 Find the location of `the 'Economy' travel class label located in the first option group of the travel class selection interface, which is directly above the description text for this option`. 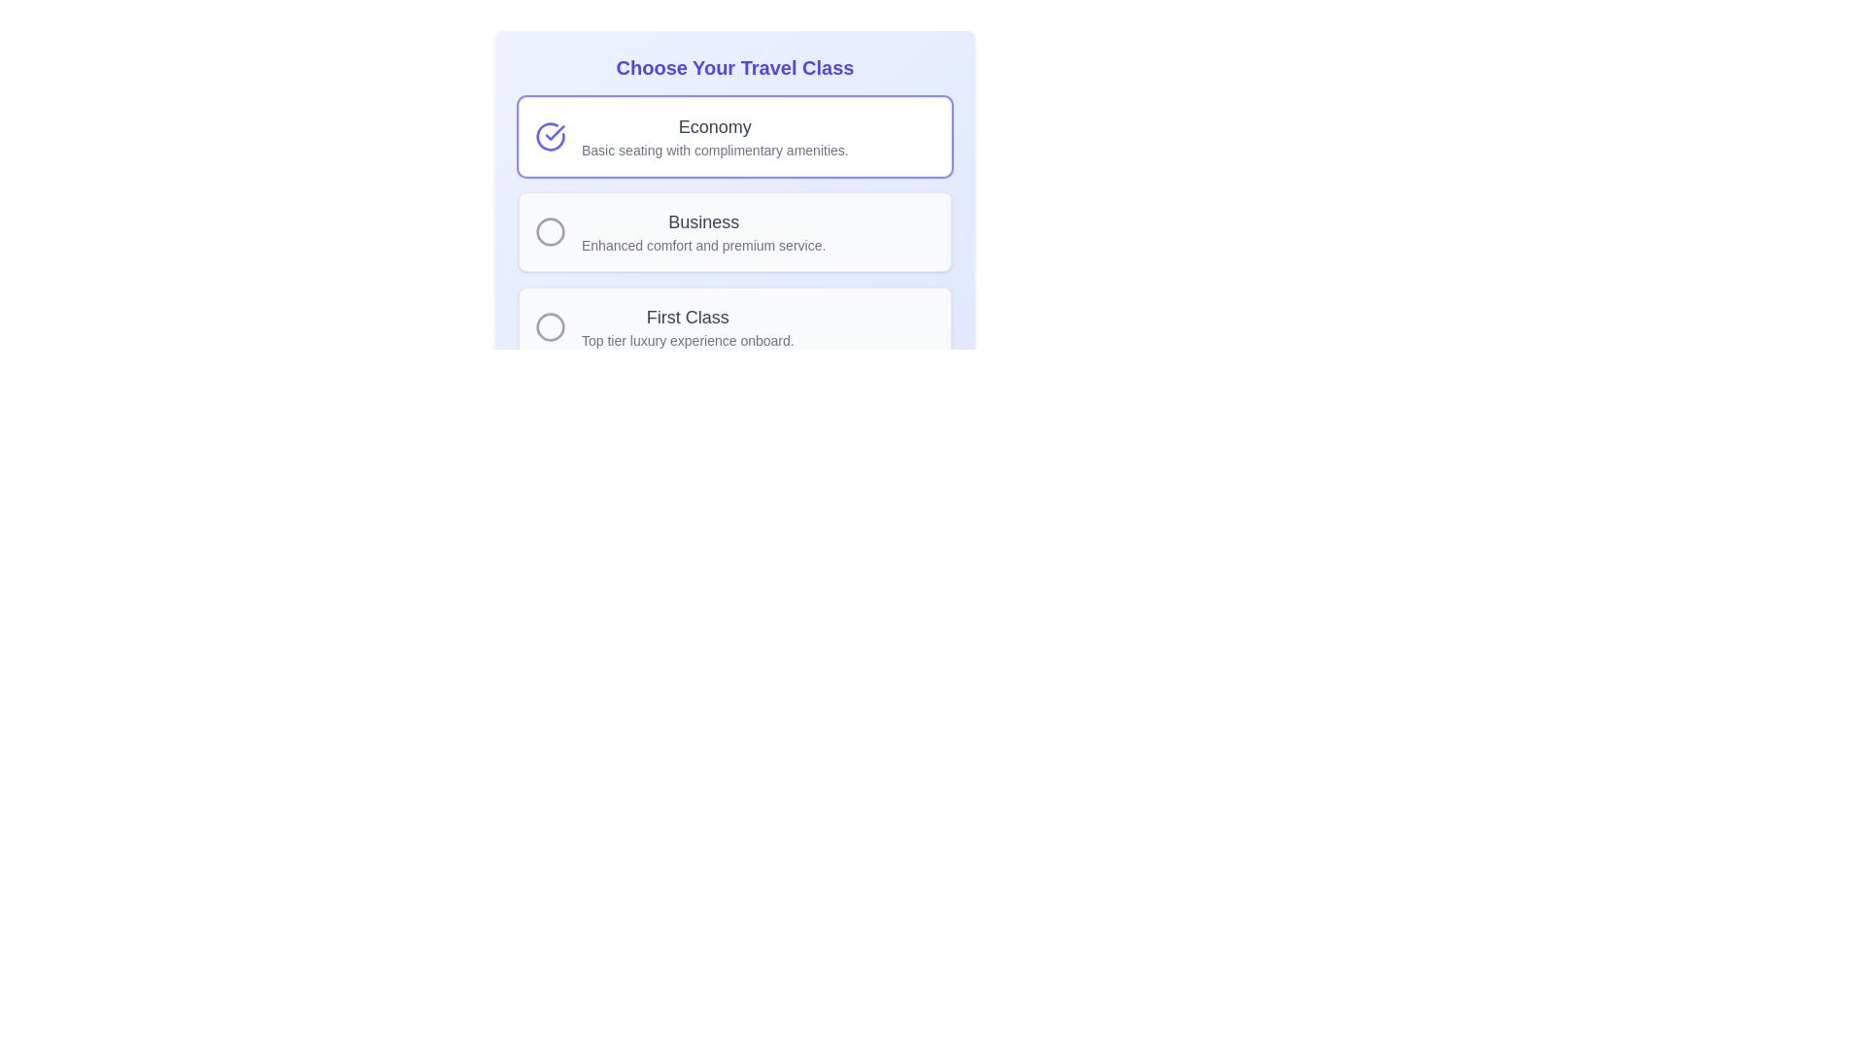

the 'Economy' travel class label located in the first option group of the travel class selection interface, which is directly above the description text for this option is located at coordinates (714, 127).